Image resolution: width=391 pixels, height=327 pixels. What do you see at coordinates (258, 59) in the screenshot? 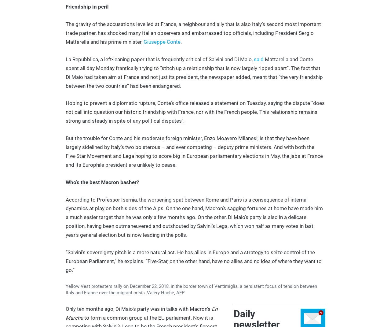
I see `'said'` at bounding box center [258, 59].